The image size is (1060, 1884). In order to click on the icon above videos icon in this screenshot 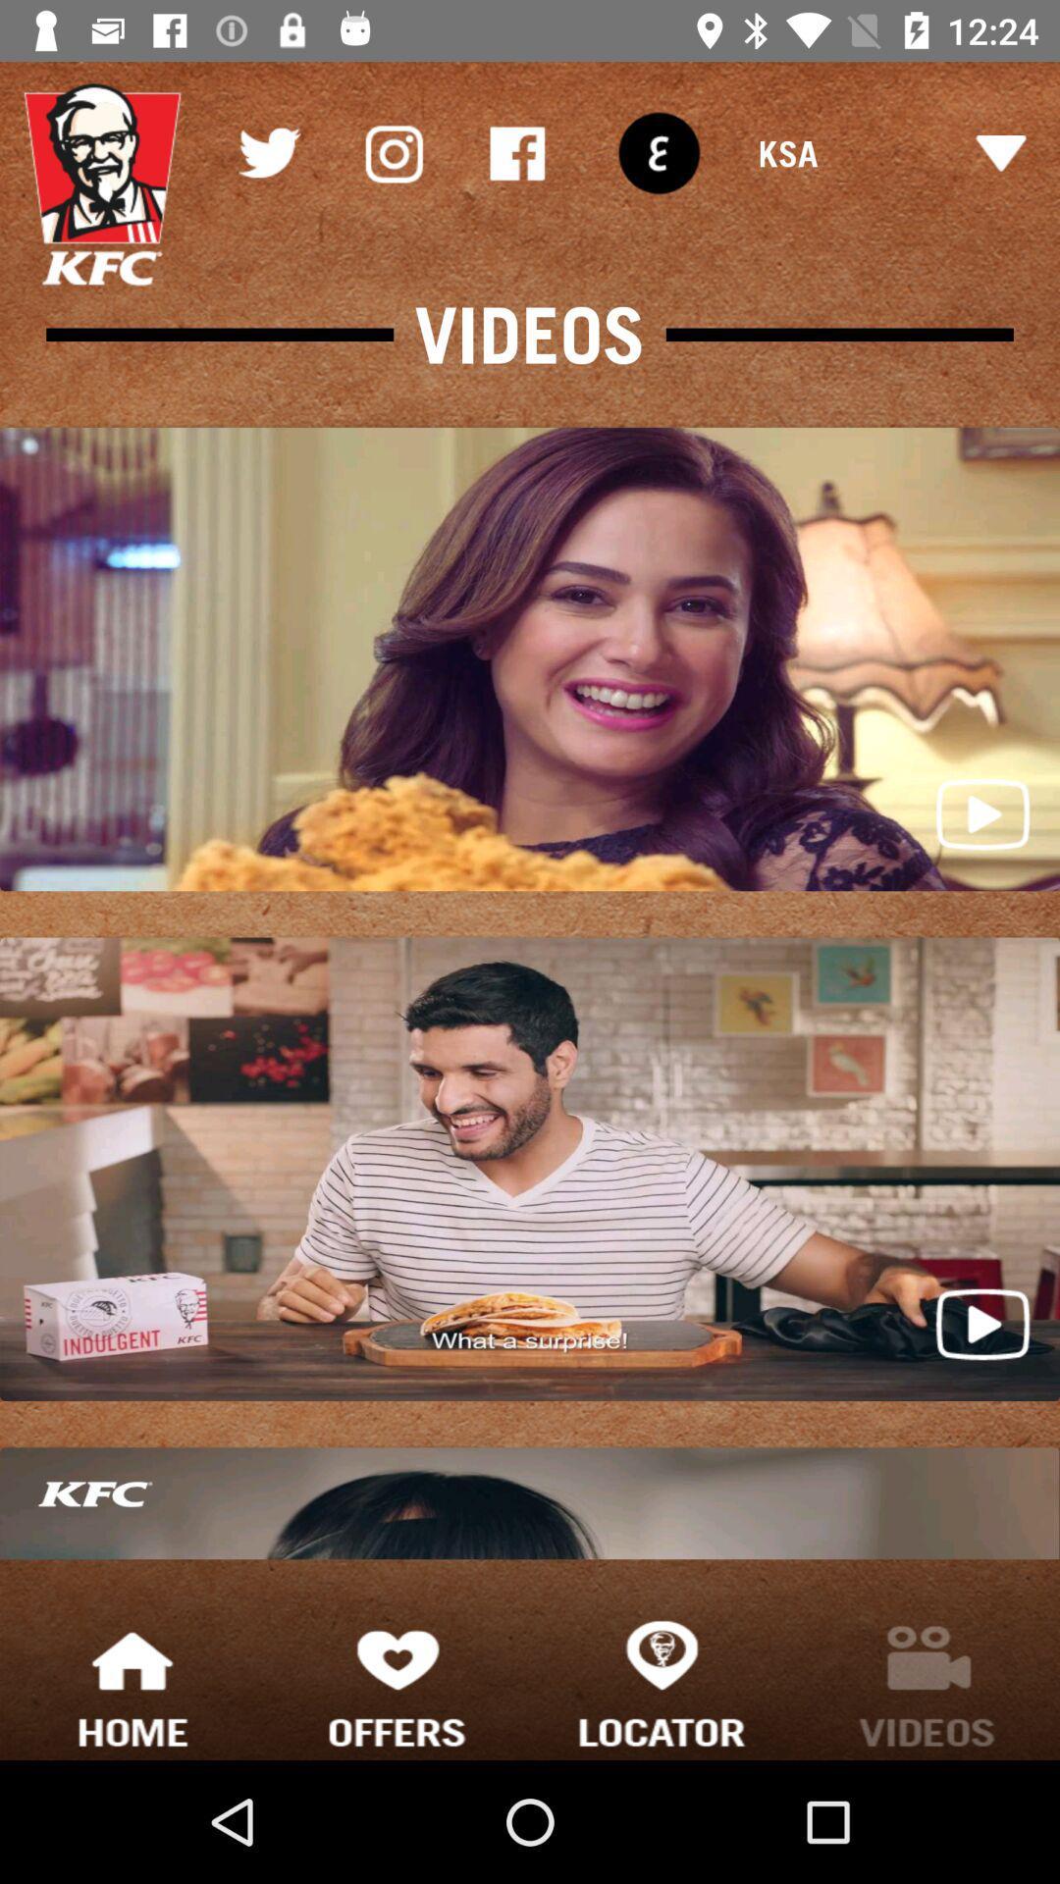, I will do `click(516, 152)`.